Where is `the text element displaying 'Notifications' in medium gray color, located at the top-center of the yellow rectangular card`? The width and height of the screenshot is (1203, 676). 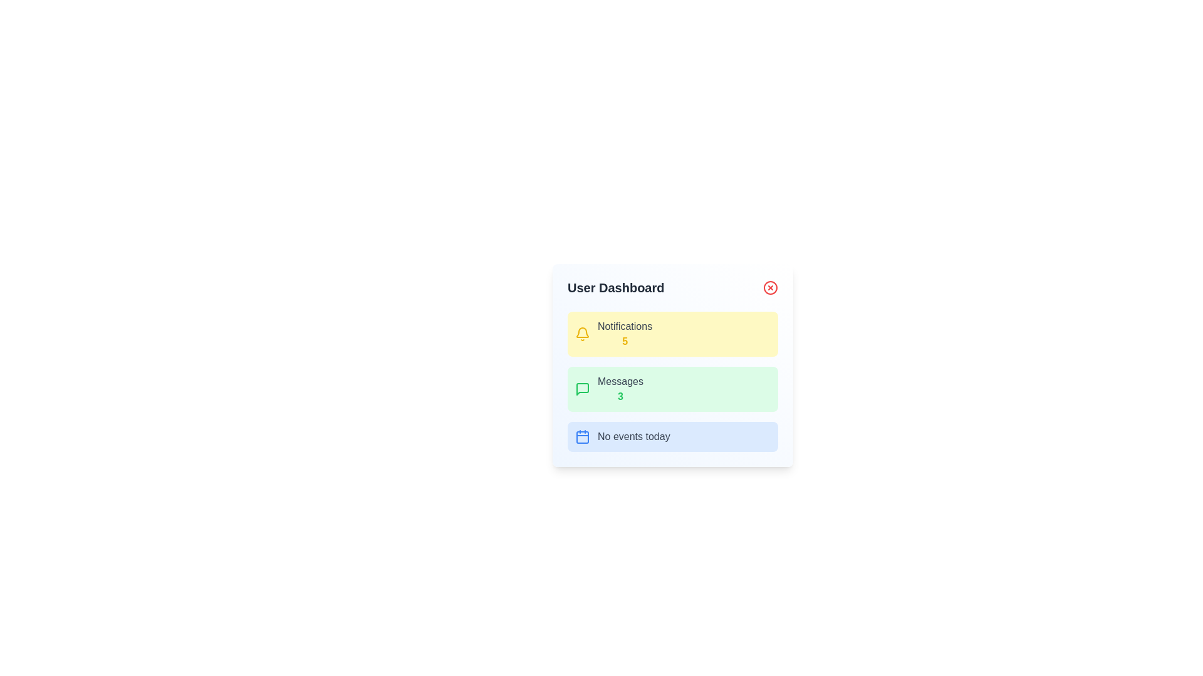
the text element displaying 'Notifications' in medium gray color, located at the top-center of the yellow rectangular card is located at coordinates (625, 325).